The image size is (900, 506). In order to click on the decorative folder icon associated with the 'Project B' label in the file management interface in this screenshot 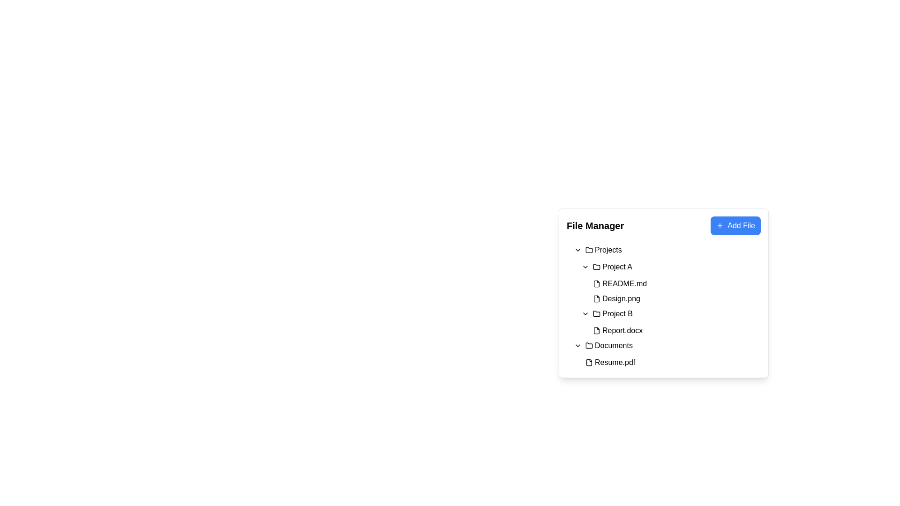, I will do `click(596, 314)`.